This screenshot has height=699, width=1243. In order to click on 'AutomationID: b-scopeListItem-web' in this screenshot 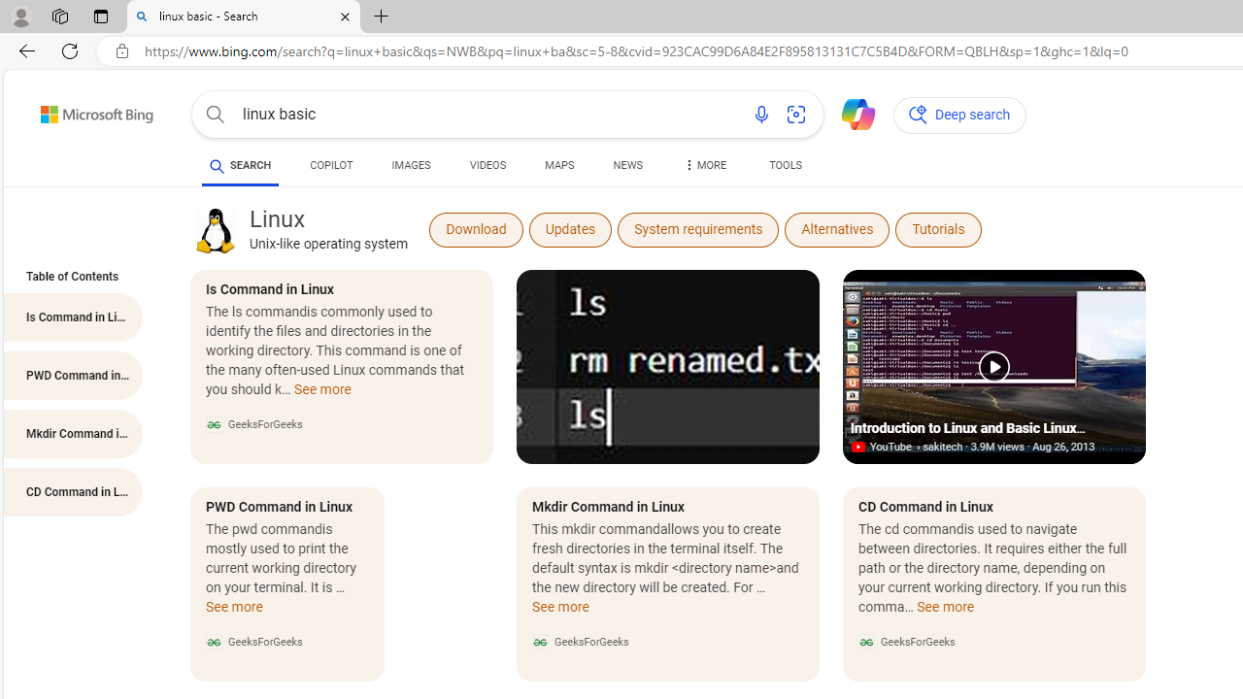, I will do `click(239, 164)`.